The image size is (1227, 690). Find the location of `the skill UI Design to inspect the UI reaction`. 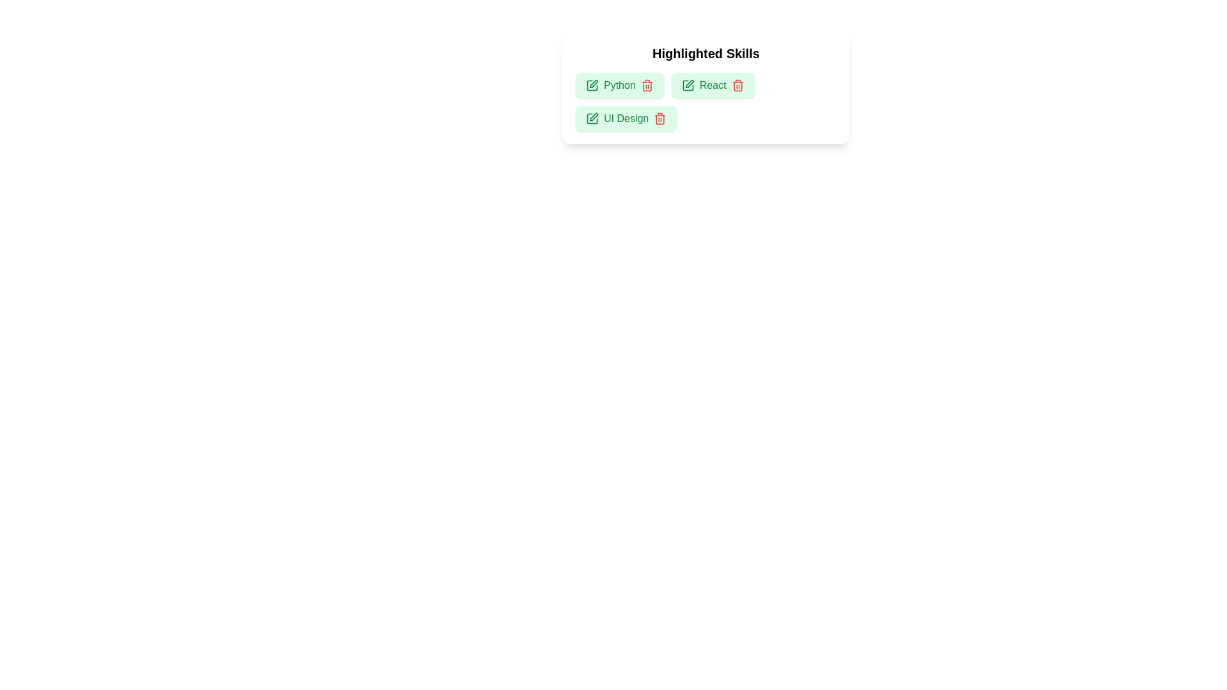

the skill UI Design to inspect the UI reaction is located at coordinates (626, 118).